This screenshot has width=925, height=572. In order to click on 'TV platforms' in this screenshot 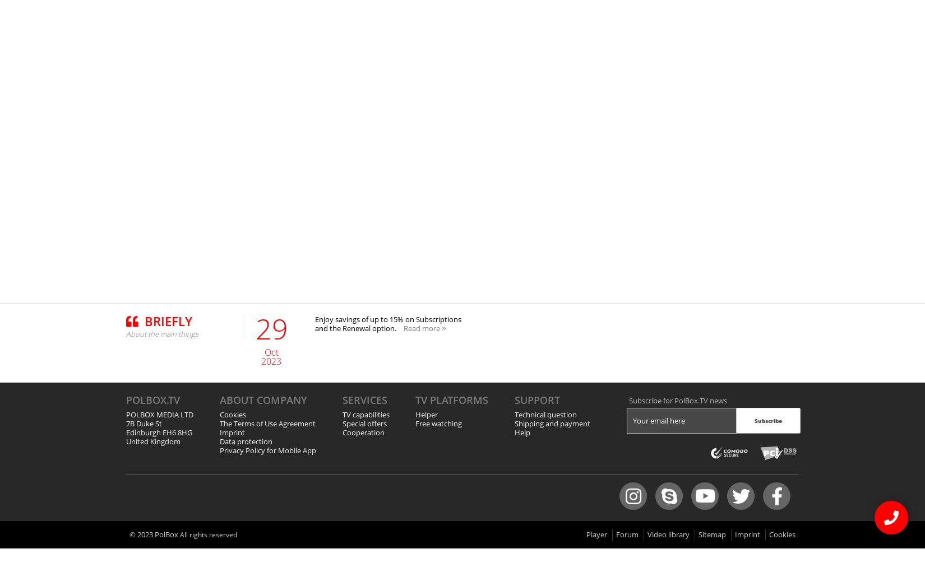, I will do `click(451, 399)`.